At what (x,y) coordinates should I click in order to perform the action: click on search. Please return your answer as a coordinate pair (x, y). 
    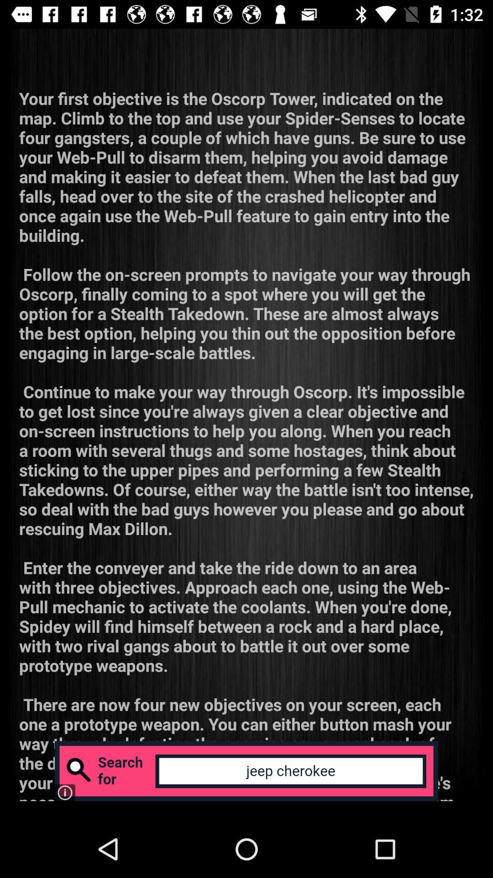
    Looking at the image, I should click on (246, 771).